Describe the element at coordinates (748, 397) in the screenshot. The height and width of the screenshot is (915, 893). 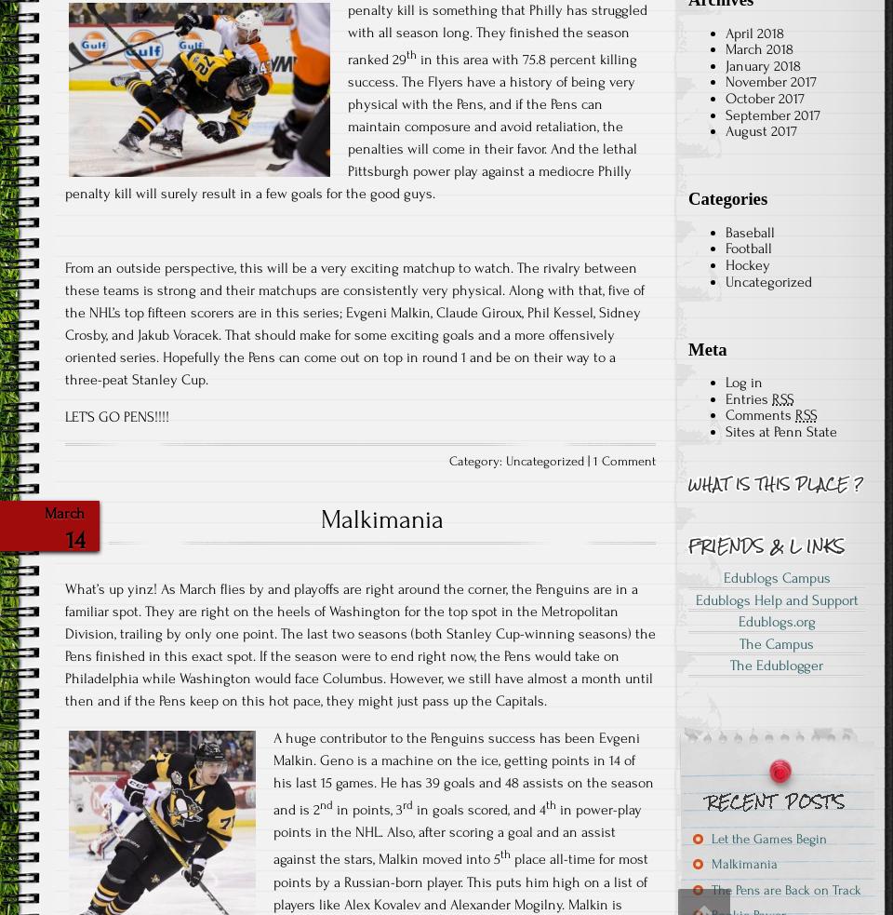
I see `'Entries'` at that location.